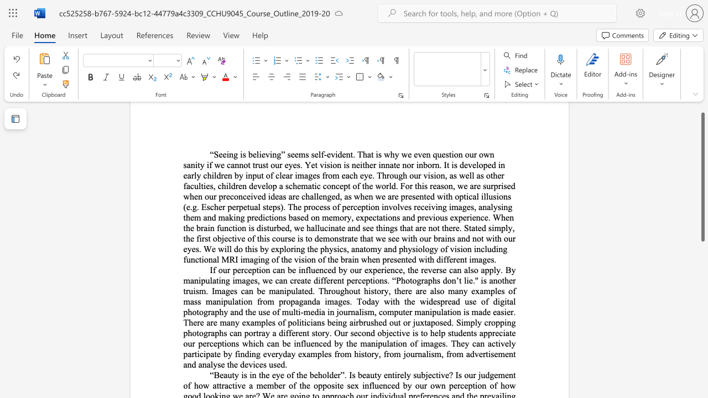 The width and height of the screenshot is (708, 398). What do you see at coordinates (702, 176) in the screenshot?
I see `the scrollbar and move down 110 pixels` at bounding box center [702, 176].